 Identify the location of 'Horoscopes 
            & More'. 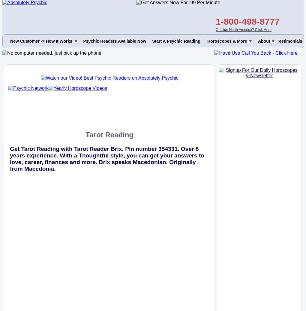
(227, 41).